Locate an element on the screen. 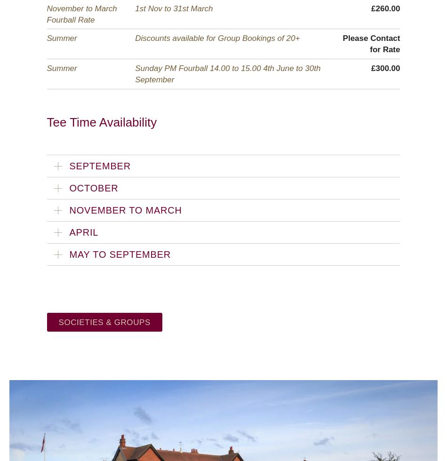 Image resolution: width=447 pixels, height=461 pixels. 'Please Contact for Rate' is located at coordinates (370, 44).